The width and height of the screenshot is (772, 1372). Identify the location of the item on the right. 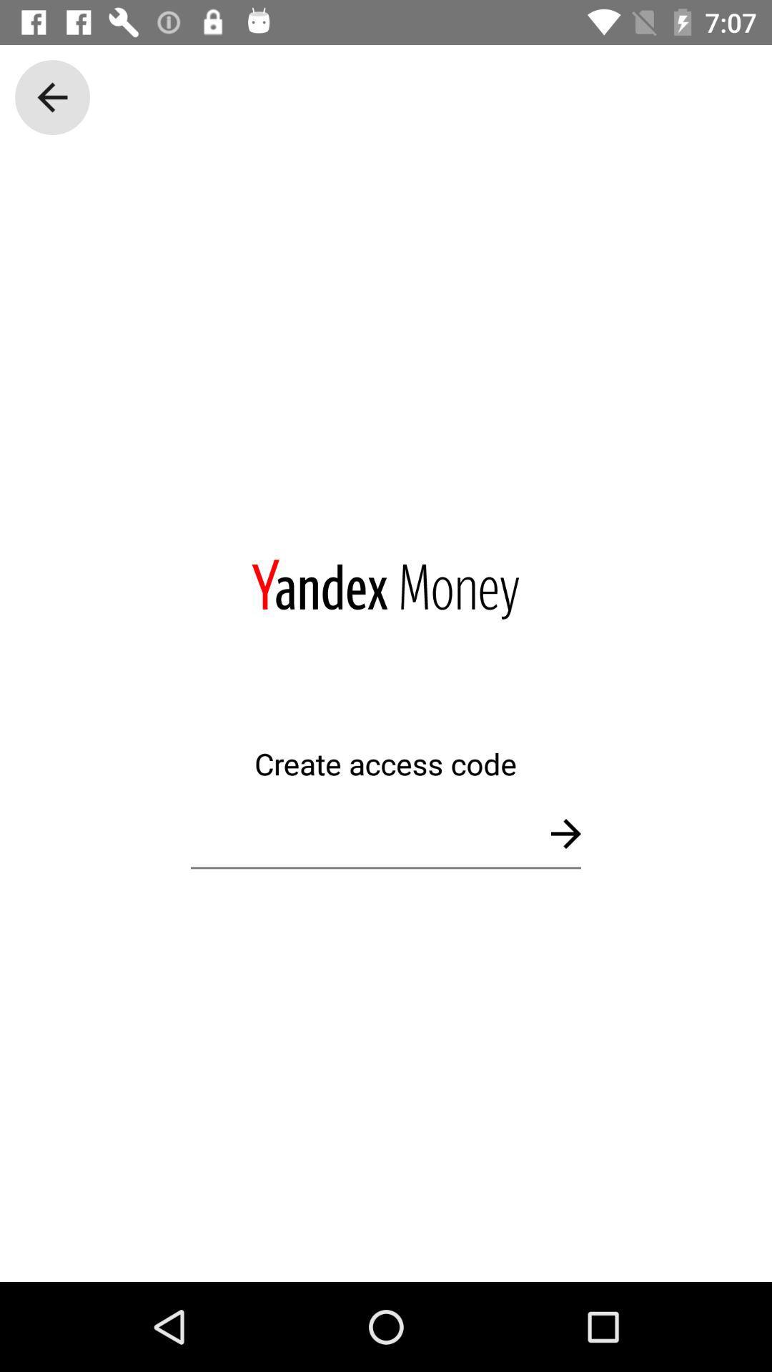
(565, 833).